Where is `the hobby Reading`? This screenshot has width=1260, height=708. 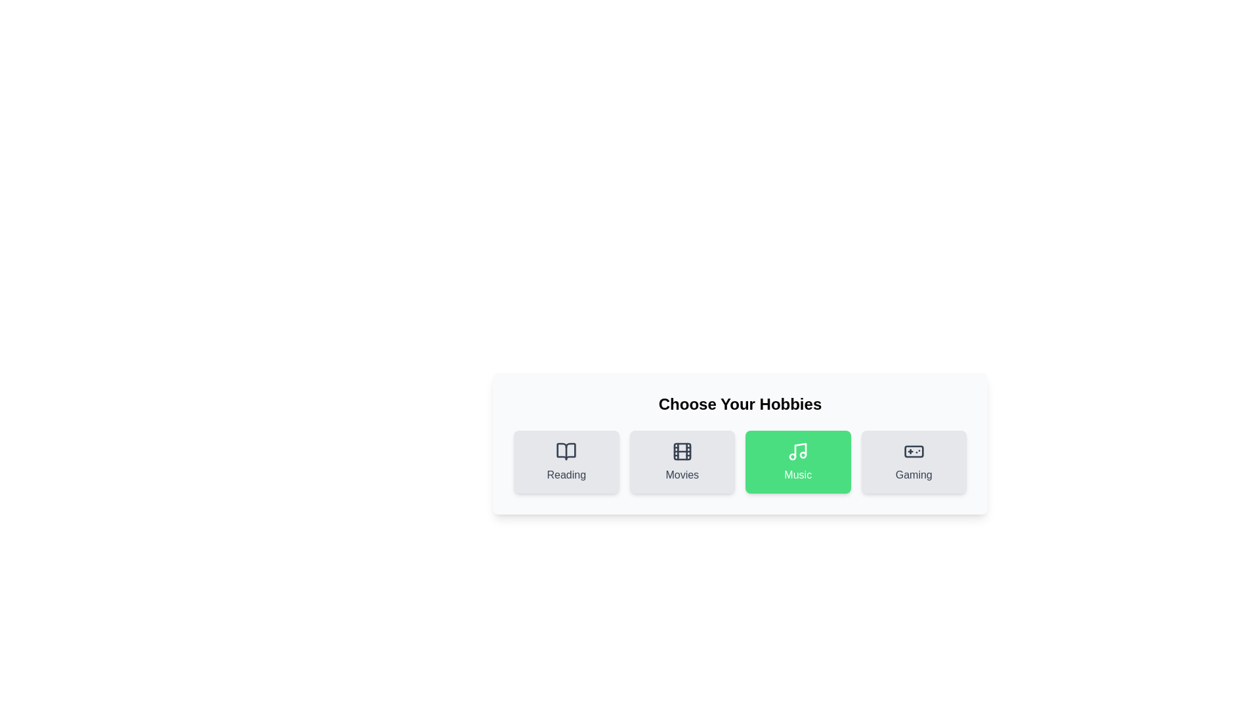 the hobby Reading is located at coordinates (566, 462).